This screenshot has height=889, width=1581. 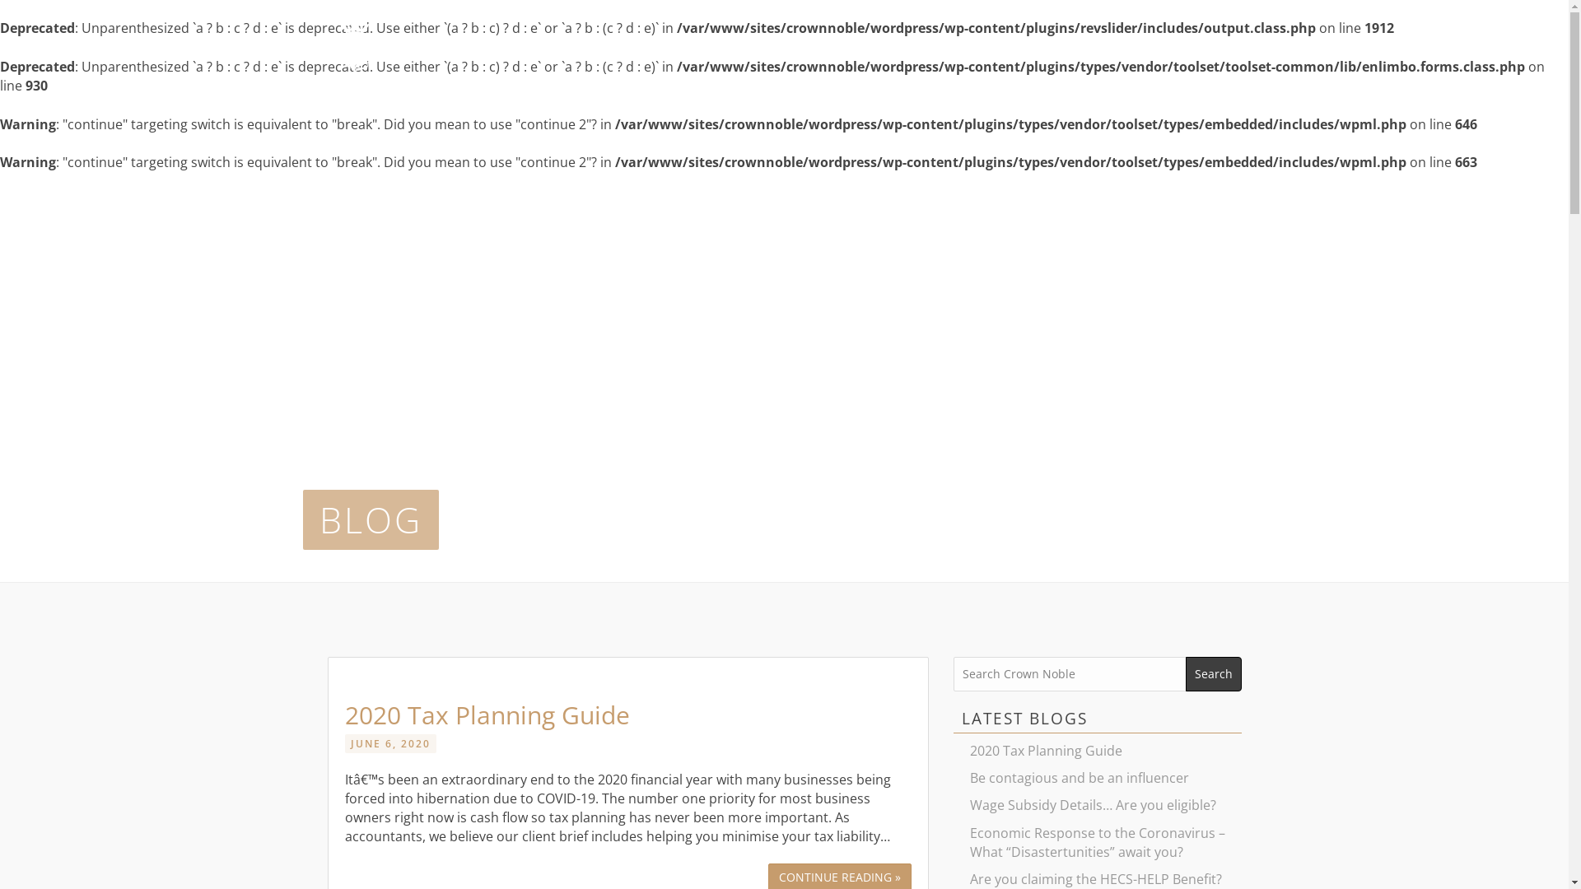 I want to click on 'Be contagious and be an influencer', so click(x=1098, y=778).